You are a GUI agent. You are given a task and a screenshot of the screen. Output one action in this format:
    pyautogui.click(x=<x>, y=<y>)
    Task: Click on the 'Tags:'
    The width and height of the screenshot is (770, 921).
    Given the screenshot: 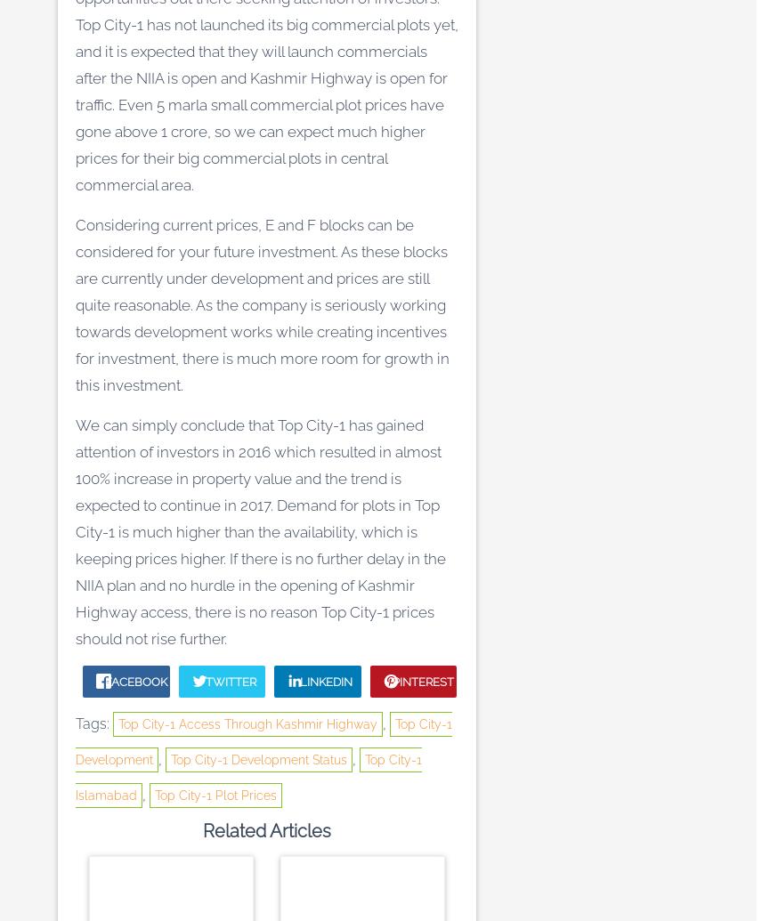 What is the action you would take?
    pyautogui.click(x=76, y=723)
    